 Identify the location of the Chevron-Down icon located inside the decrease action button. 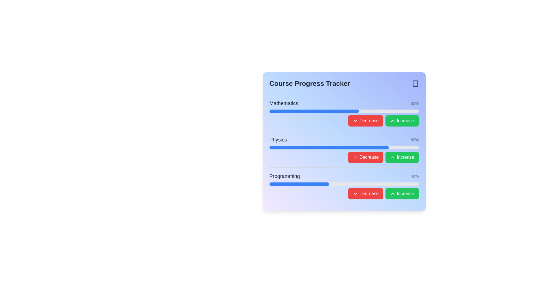
(355, 193).